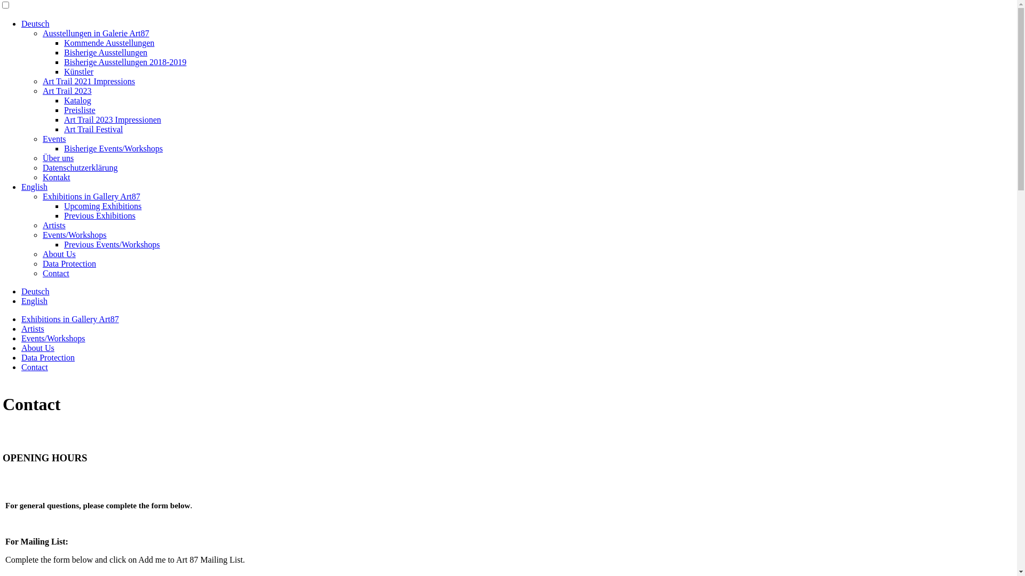  Describe the element at coordinates (113, 148) in the screenshot. I see `'Bisherige Events/Workshops'` at that location.